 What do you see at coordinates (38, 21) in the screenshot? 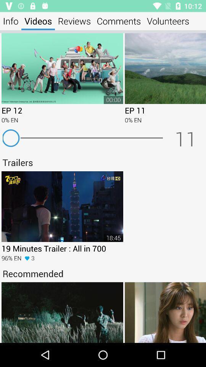
I see `item to the right of info app` at bounding box center [38, 21].